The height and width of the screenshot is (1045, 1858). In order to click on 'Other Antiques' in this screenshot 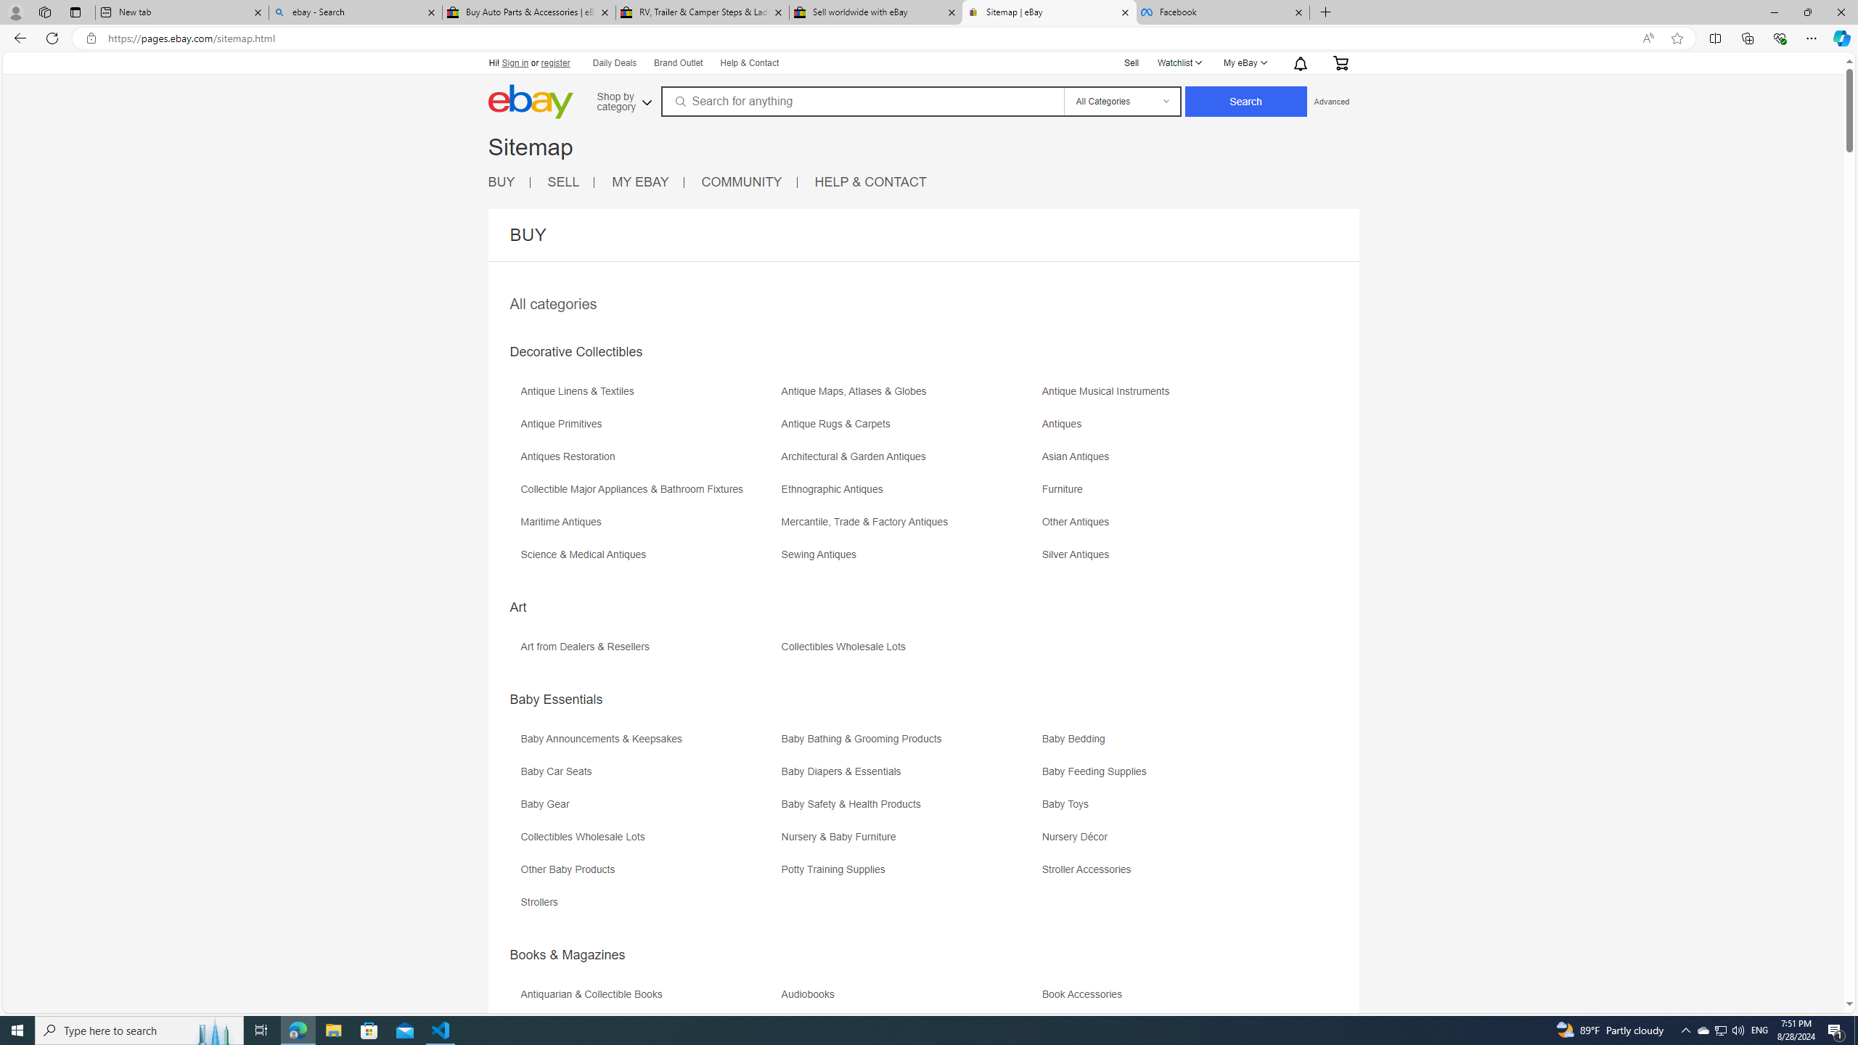, I will do `click(1171, 526)`.